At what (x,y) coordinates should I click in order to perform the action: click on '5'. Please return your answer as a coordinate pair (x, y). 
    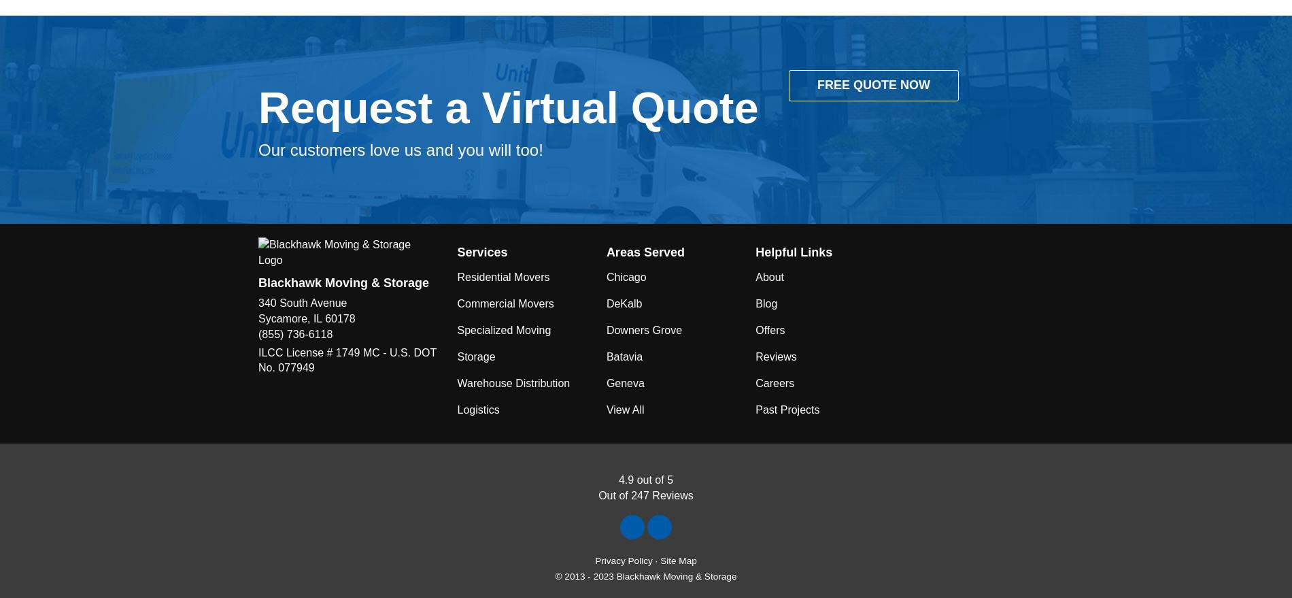
    Looking at the image, I should click on (670, 480).